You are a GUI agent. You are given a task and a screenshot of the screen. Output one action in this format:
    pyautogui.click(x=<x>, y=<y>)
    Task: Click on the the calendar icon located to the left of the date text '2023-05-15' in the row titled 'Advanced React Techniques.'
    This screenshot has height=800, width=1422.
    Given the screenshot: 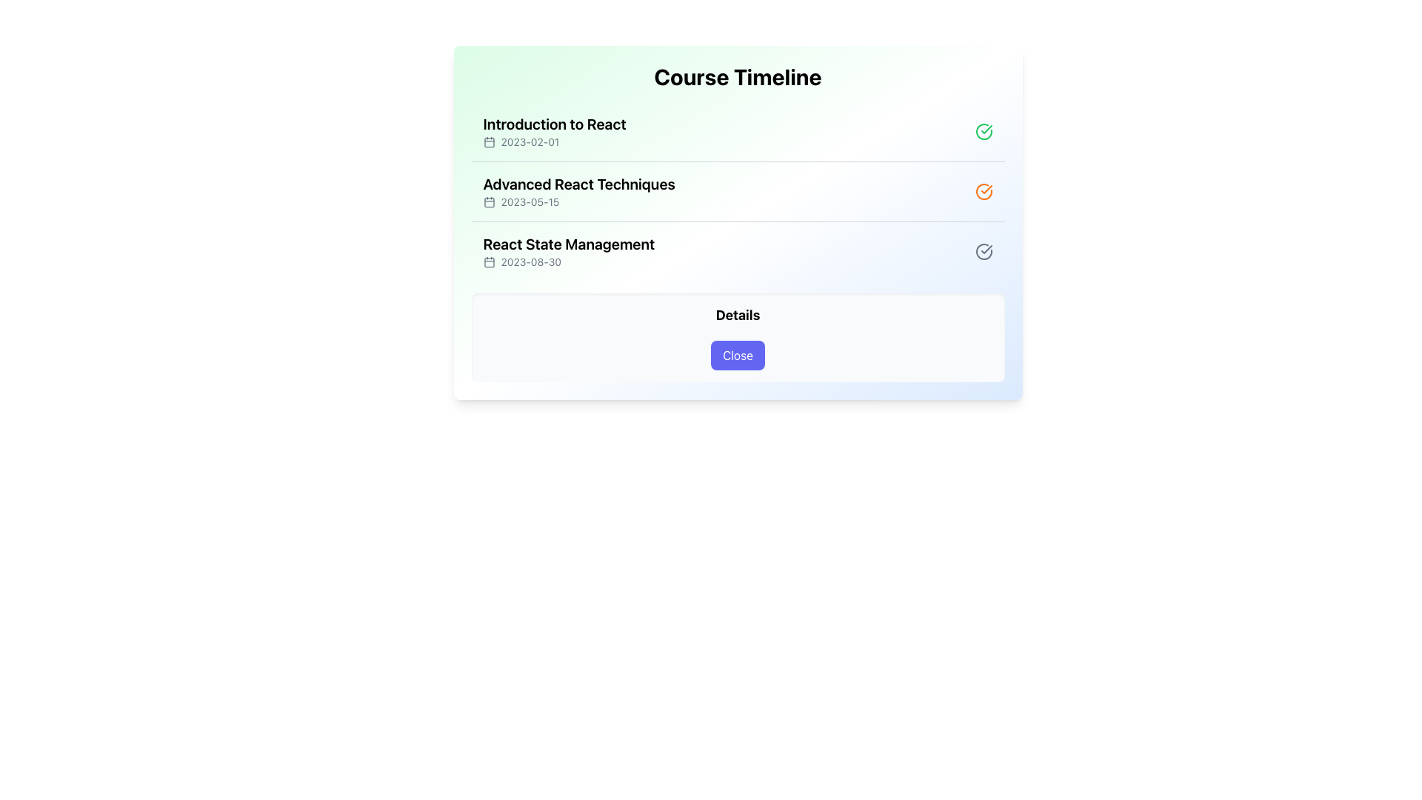 What is the action you would take?
    pyautogui.click(x=489, y=202)
    